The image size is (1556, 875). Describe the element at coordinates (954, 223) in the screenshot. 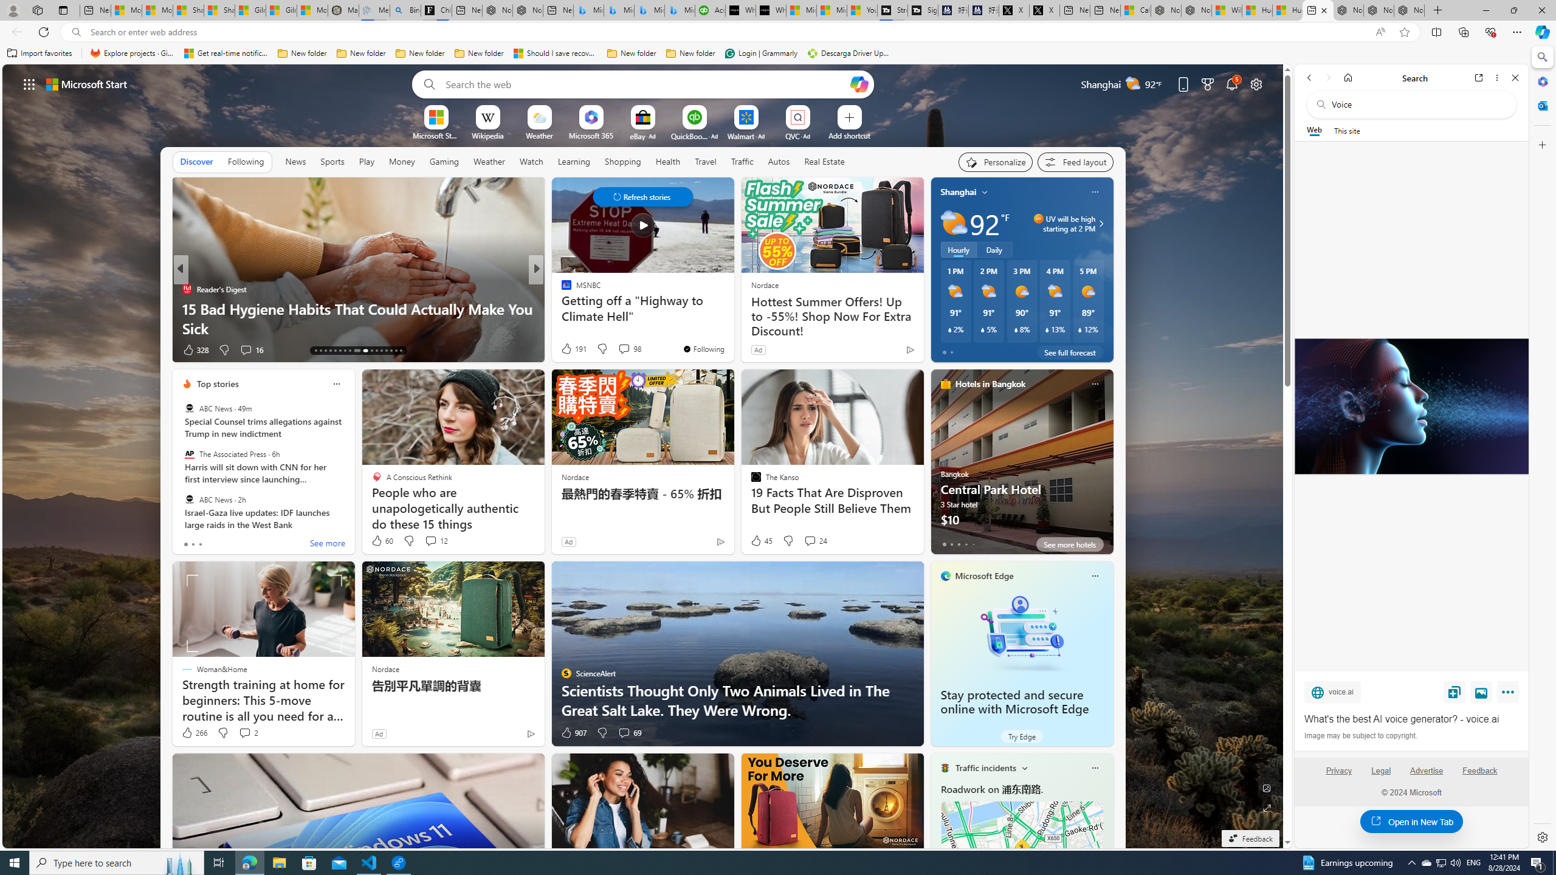

I see `'Partly sunny'` at that location.